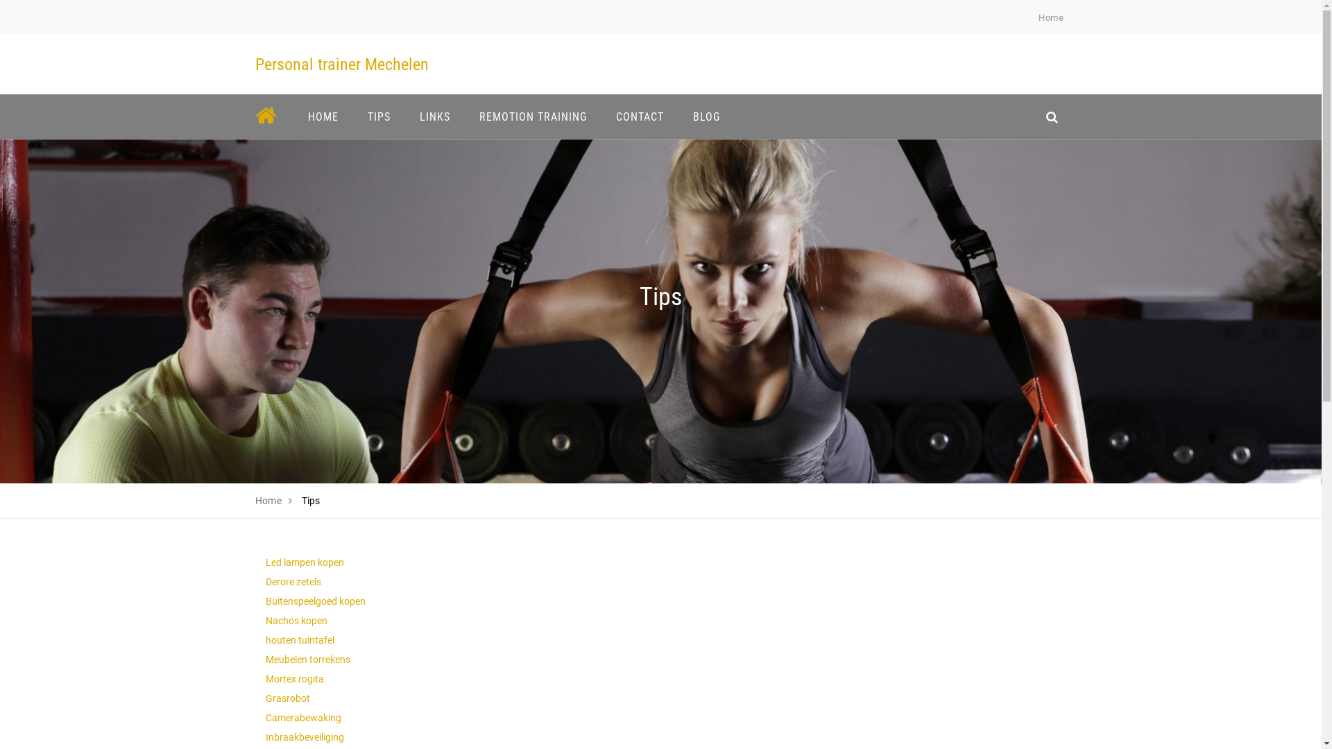 The height and width of the screenshot is (749, 1332). What do you see at coordinates (303, 737) in the screenshot?
I see `'Inbraakbeveiliging'` at bounding box center [303, 737].